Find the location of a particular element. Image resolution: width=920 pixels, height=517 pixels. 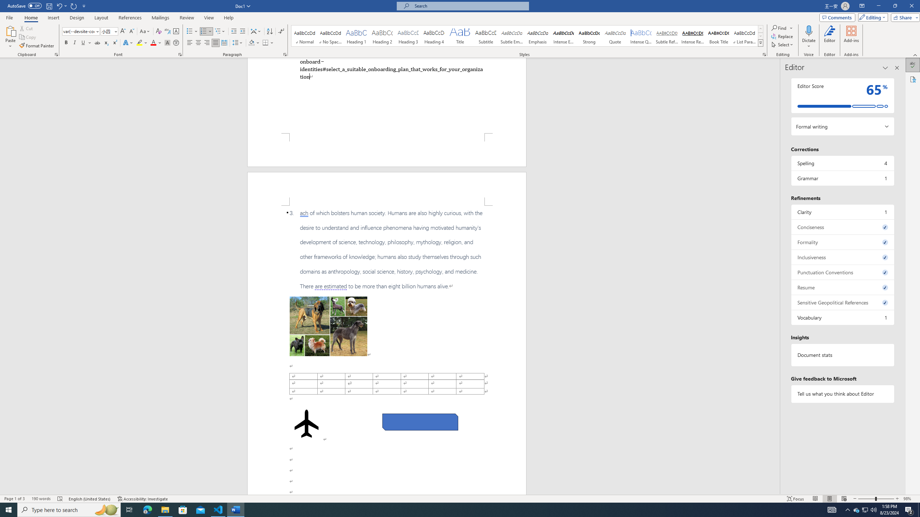

'Conciseness, 0 issues. Press space or enter to review items.' is located at coordinates (842, 227).